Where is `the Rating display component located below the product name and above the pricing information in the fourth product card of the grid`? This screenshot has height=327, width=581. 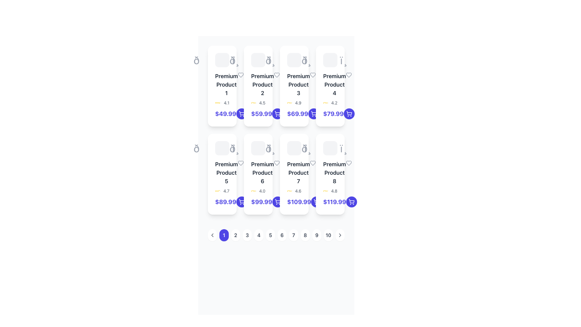
the Rating display component located below the product name and above the pricing information in the fourth product card of the grid is located at coordinates (330, 102).